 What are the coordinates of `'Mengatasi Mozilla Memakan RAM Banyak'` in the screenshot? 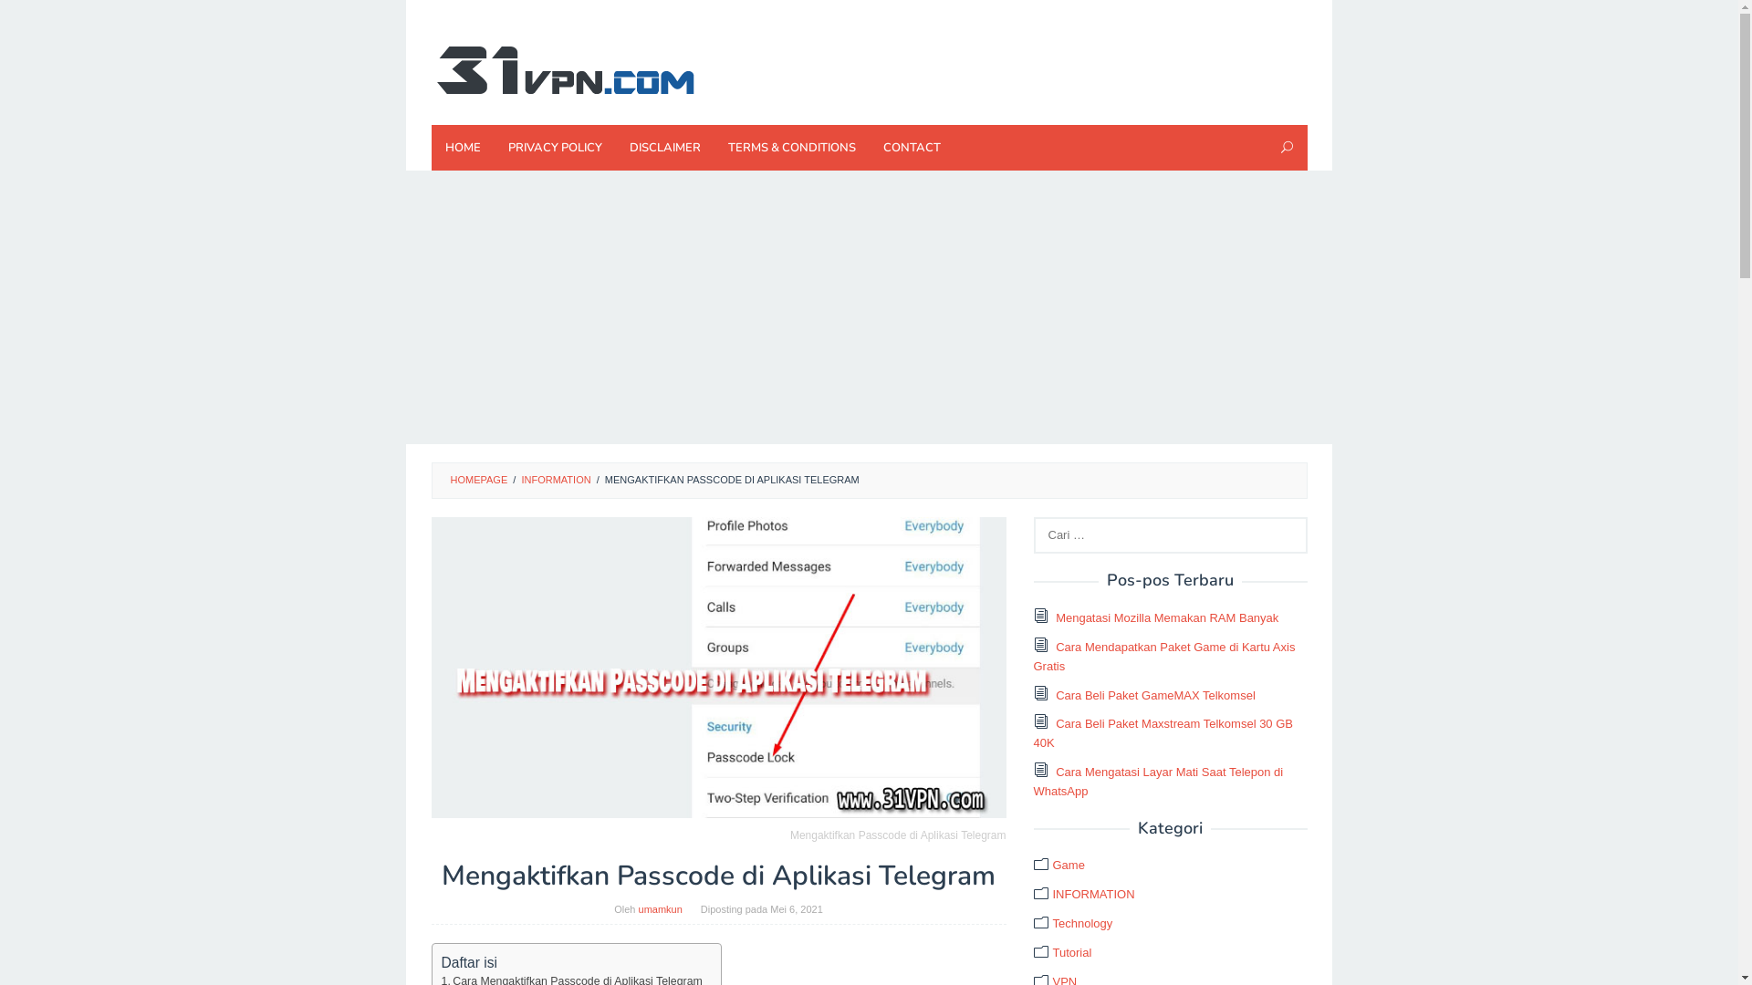 It's located at (1165, 617).